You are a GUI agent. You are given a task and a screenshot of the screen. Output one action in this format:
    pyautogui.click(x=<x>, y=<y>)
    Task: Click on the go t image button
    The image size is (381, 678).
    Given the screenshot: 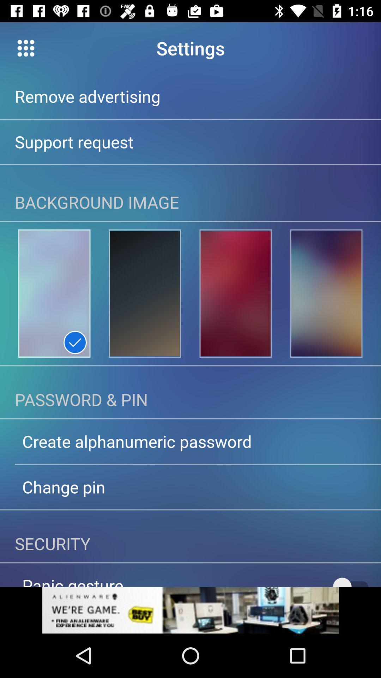 What is the action you would take?
    pyautogui.click(x=54, y=293)
    